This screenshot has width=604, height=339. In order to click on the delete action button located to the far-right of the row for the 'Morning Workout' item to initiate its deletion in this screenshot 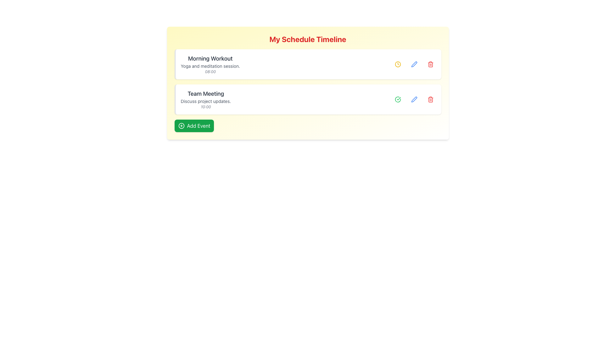, I will do `click(430, 64)`.